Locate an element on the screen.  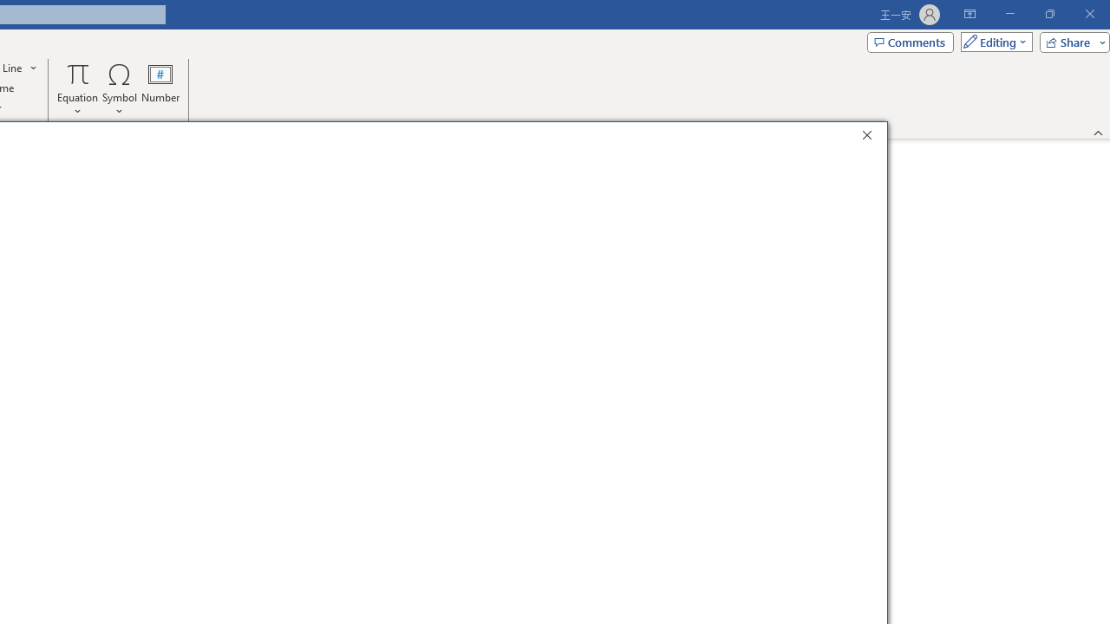
'Equation' is located at coordinates (77, 89).